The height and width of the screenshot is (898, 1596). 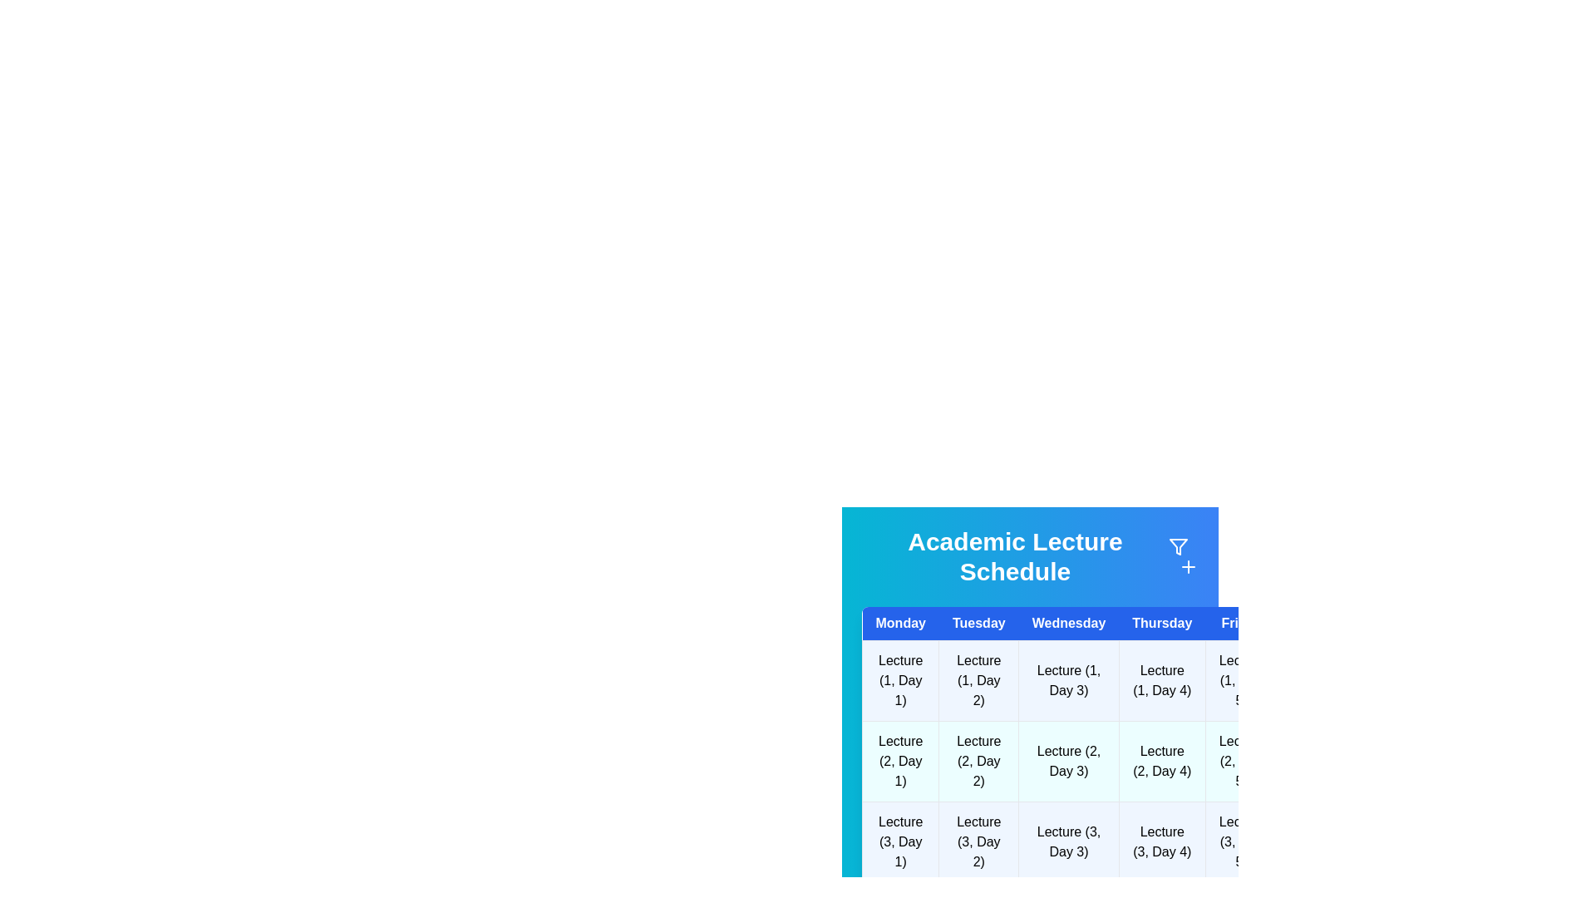 What do you see at coordinates (978, 624) in the screenshot?
I see `the header for Tuesday to sort or filter the schedule by that day` at bounding box center [978, 624].